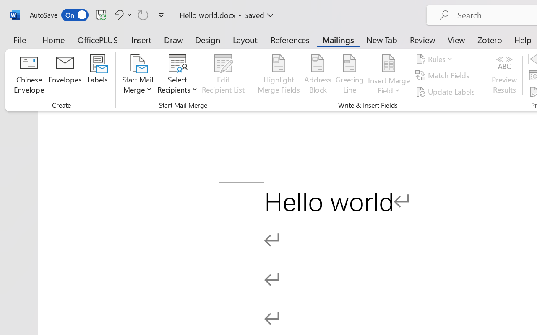  I want to click on 'Undo Click and Type Formatting', so click(121, 14).